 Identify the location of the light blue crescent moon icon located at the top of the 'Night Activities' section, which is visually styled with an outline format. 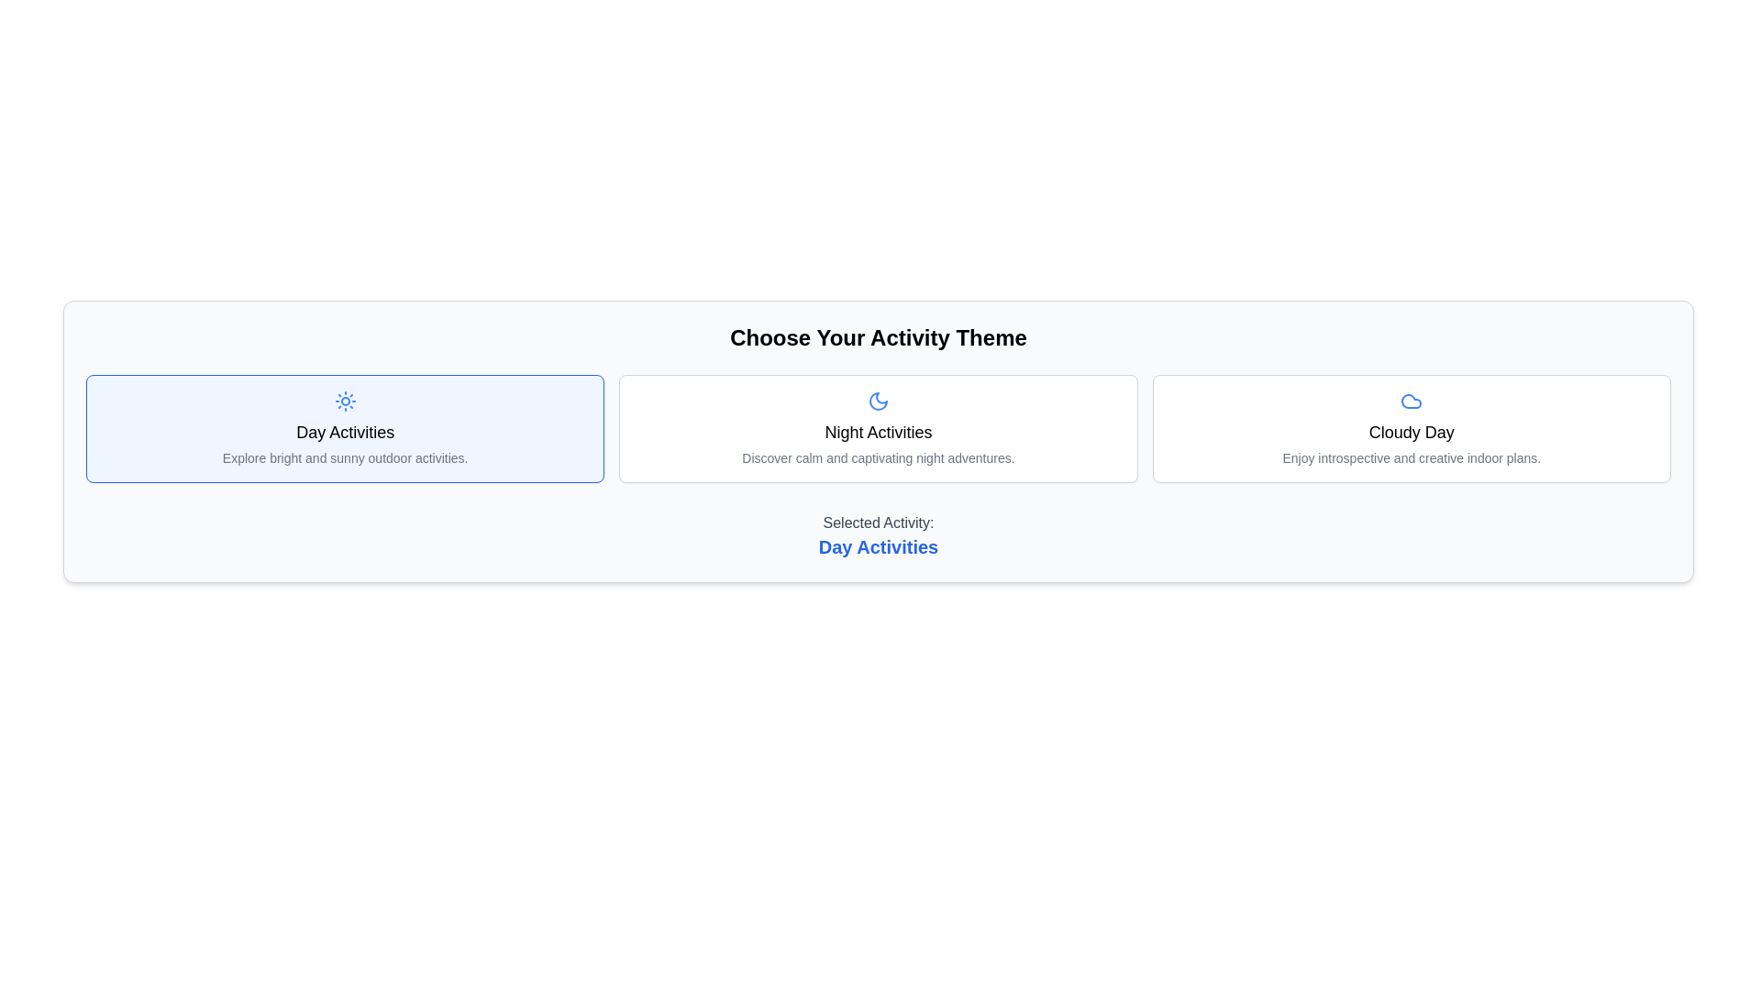
(877, 401).